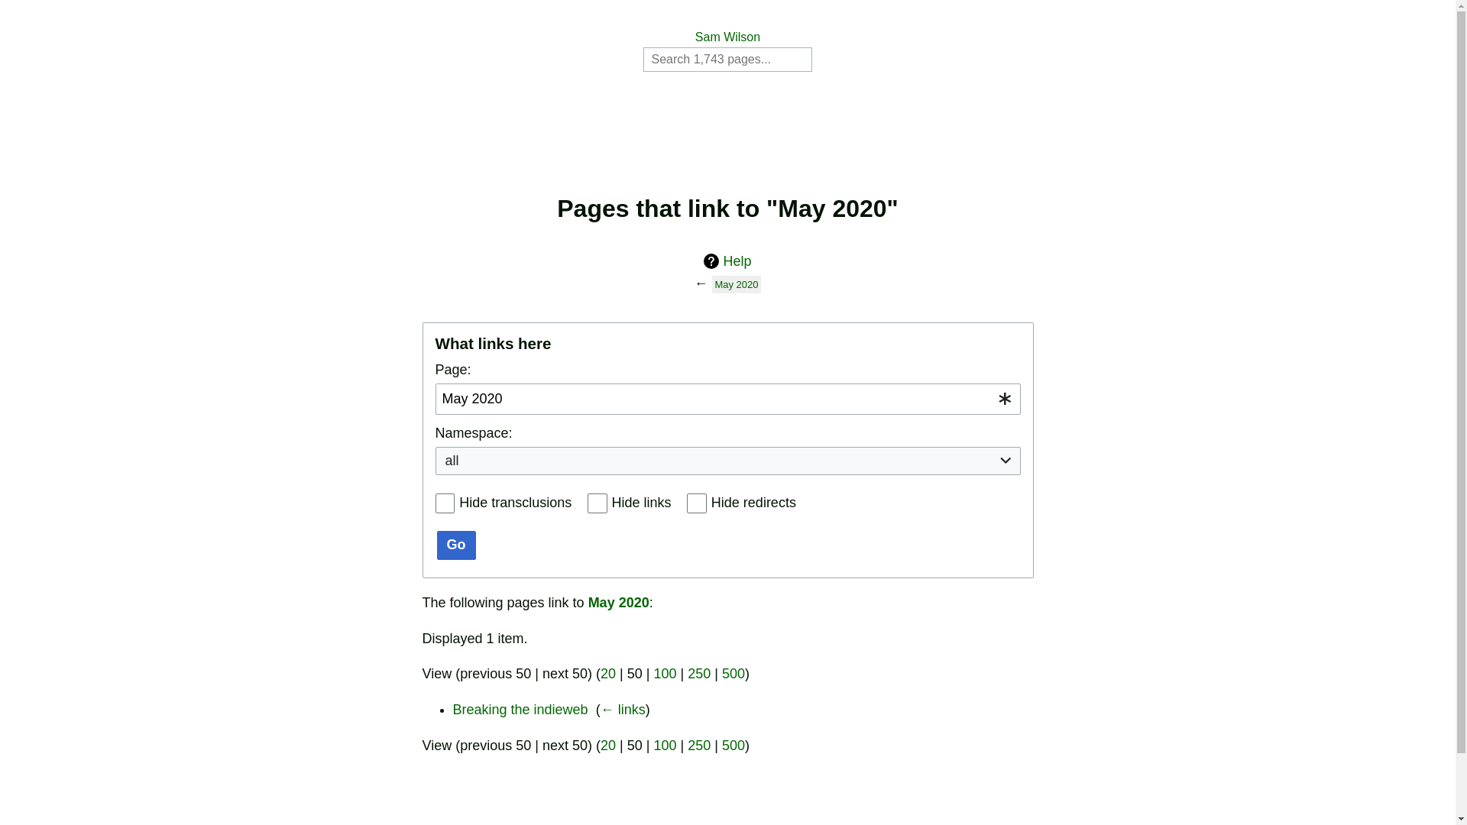  I want to click on '500', so click(733, 673).